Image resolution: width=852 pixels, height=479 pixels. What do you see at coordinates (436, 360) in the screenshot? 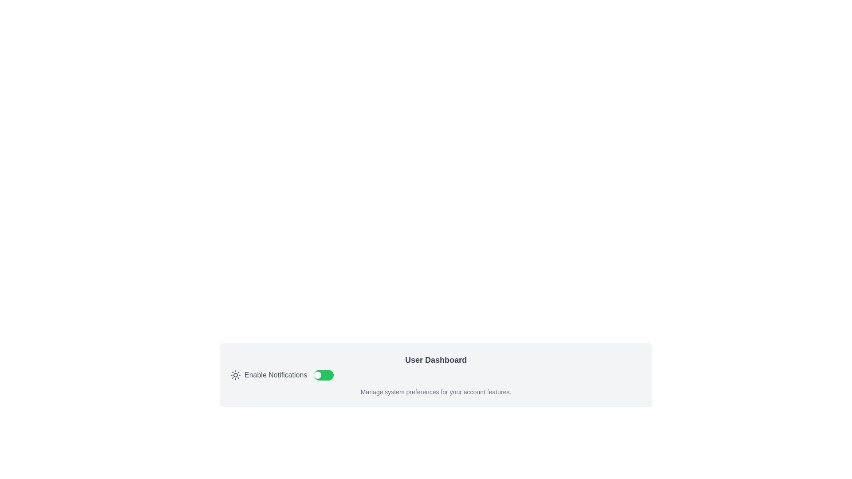
I see `the 'User Dashboard' text label which is a bold, large-sized title displayed at the top of the card section` at bounding box center [436, 360].